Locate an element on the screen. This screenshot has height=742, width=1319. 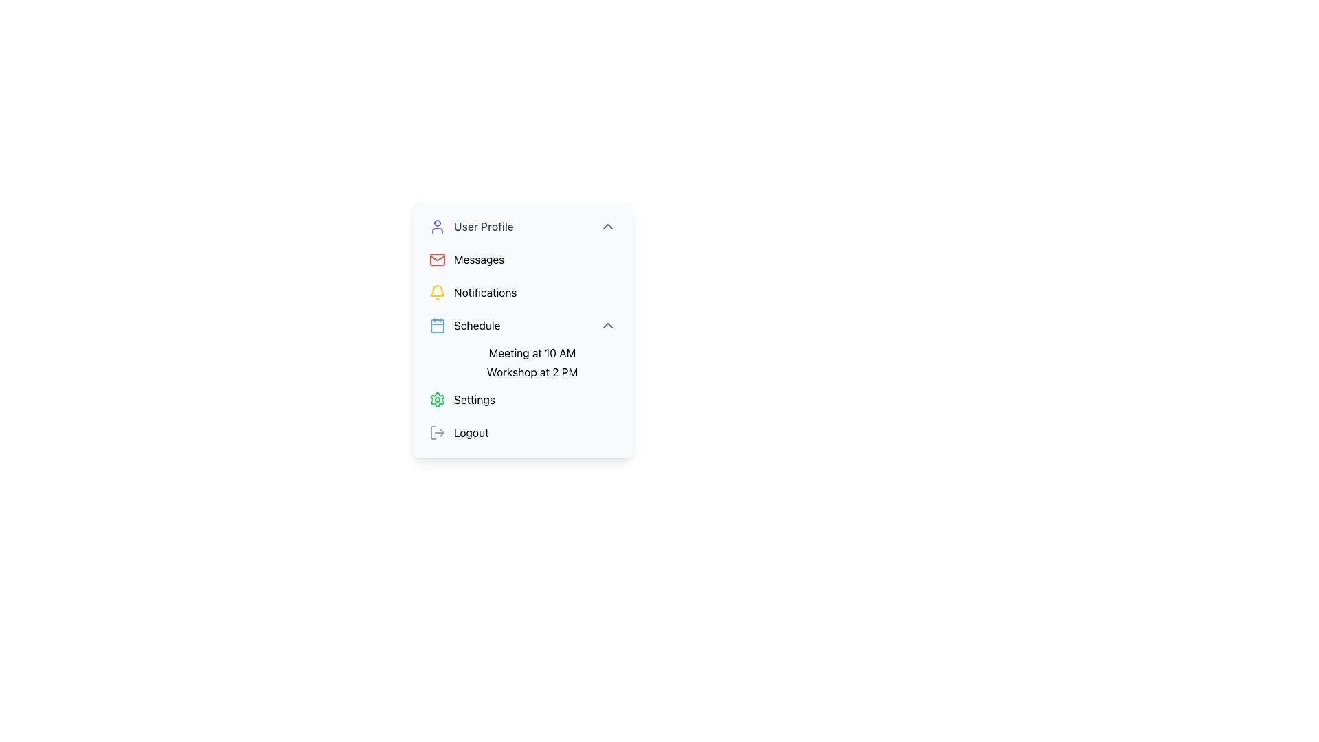
the Notifications menu is located at coordinates (437, 290).